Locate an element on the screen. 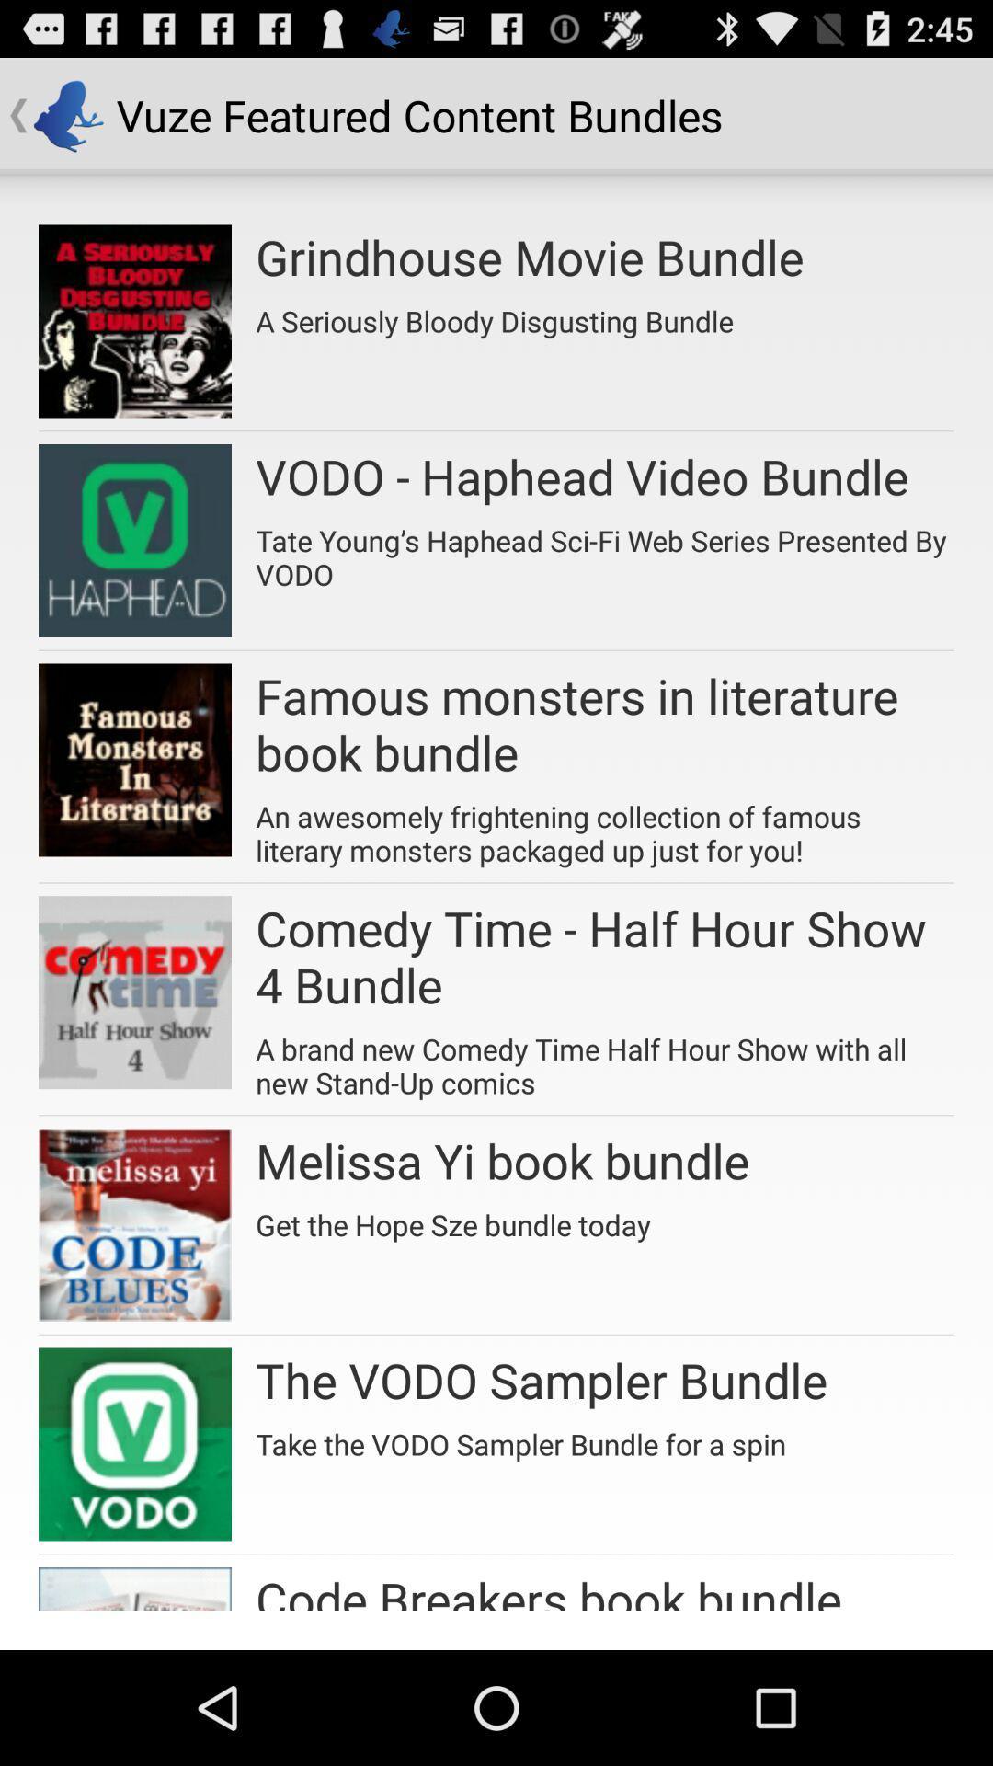 The image size is (993, 1766). the app below the grindhouse movie bundle app is located at coordinates (494, 315).